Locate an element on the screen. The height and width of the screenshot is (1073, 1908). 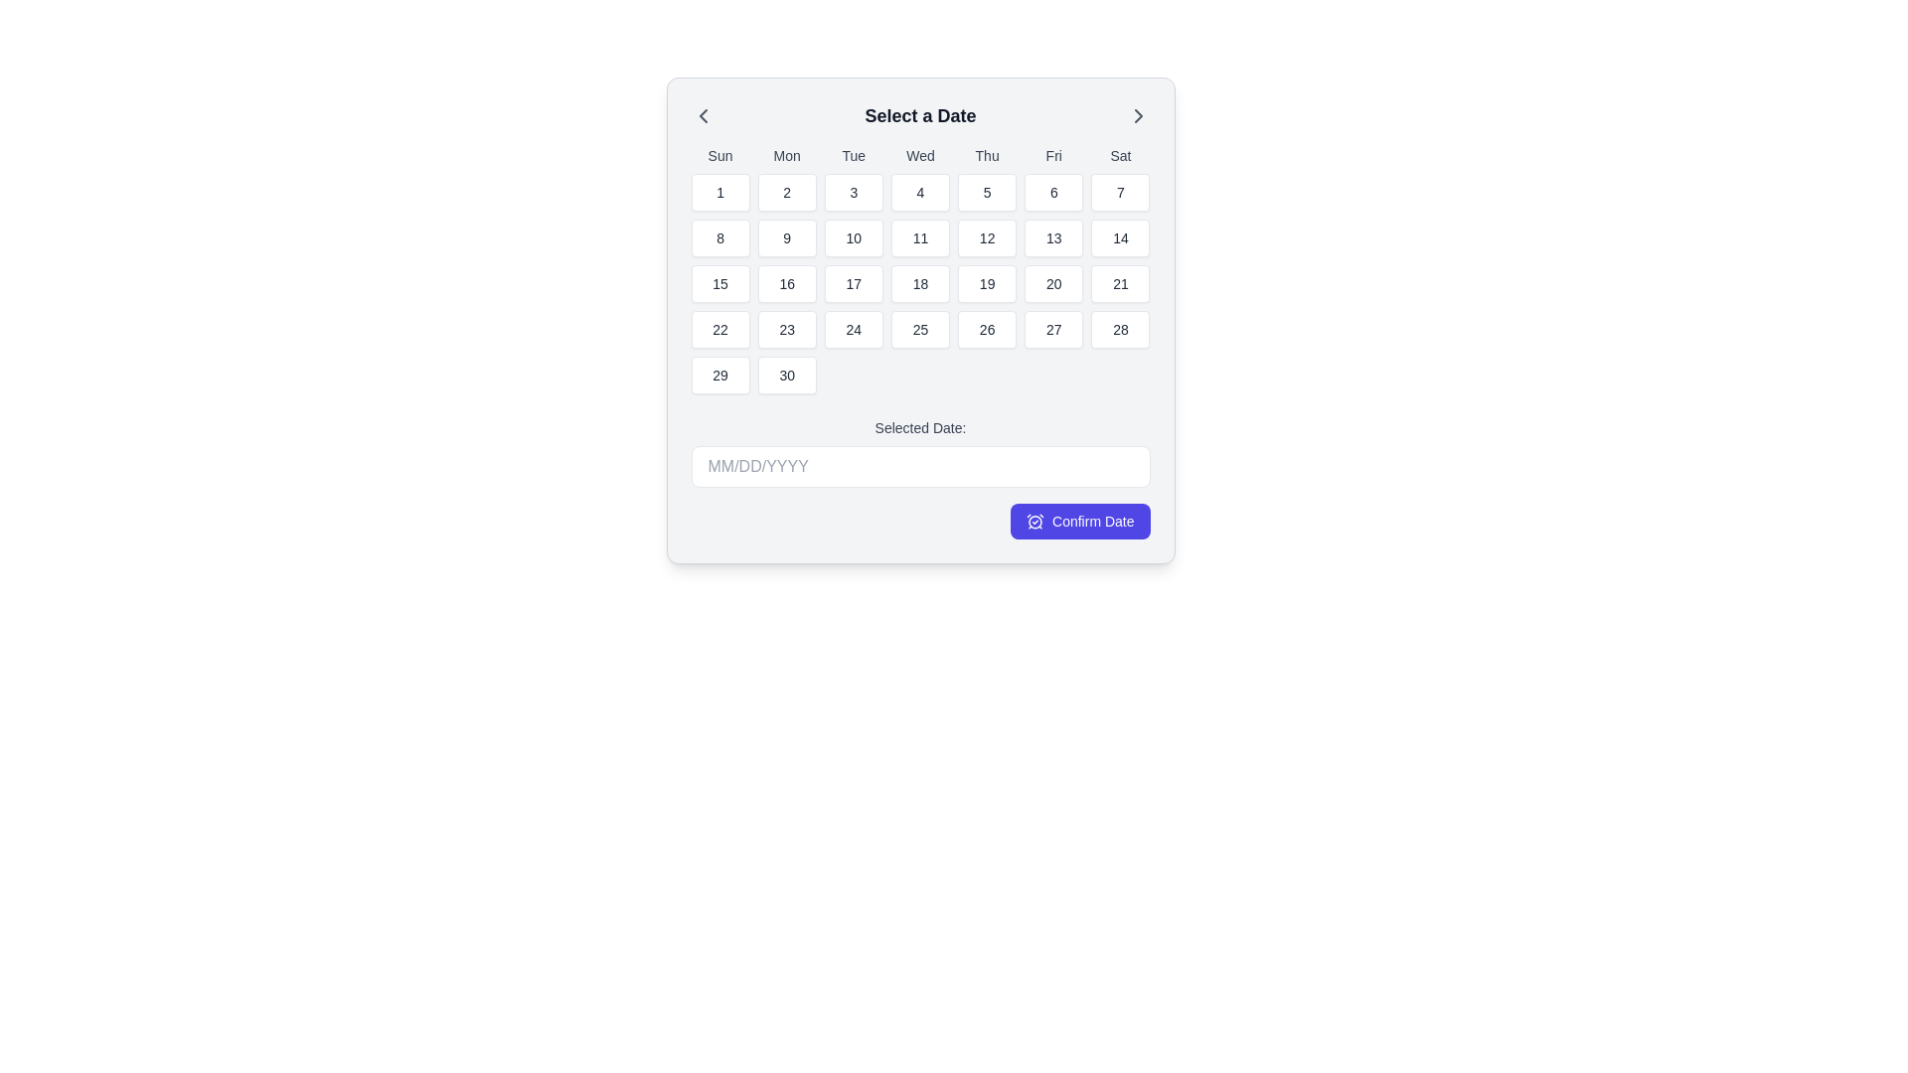
the left-pointing chevron navigation arrow located at the upper left of the calendar header is located at coordinates (703, 115).